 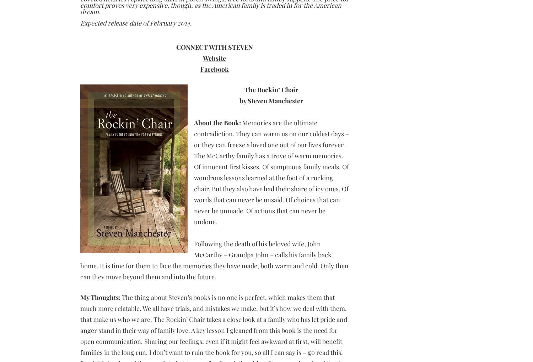 What do you see at coordinates (214, 69) in the screenshot?
I see `'Facebook'` at bounding box center [214, 69].